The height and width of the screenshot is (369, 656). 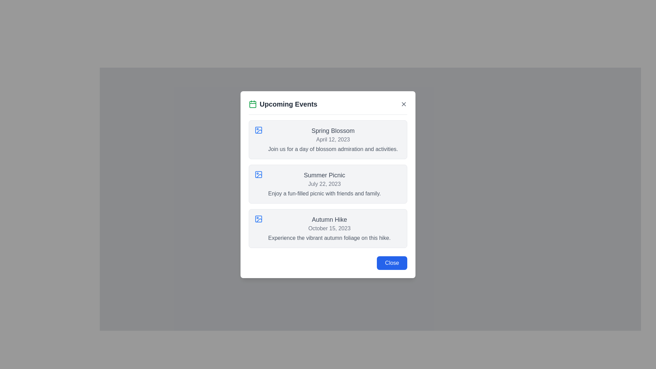 I want to click on the Plain text label displaying the date 'July 22, 2023' located in the 'Upcoming Events' dialogue box, which is styled to indicate secondary information, so click(x=324, y=183).